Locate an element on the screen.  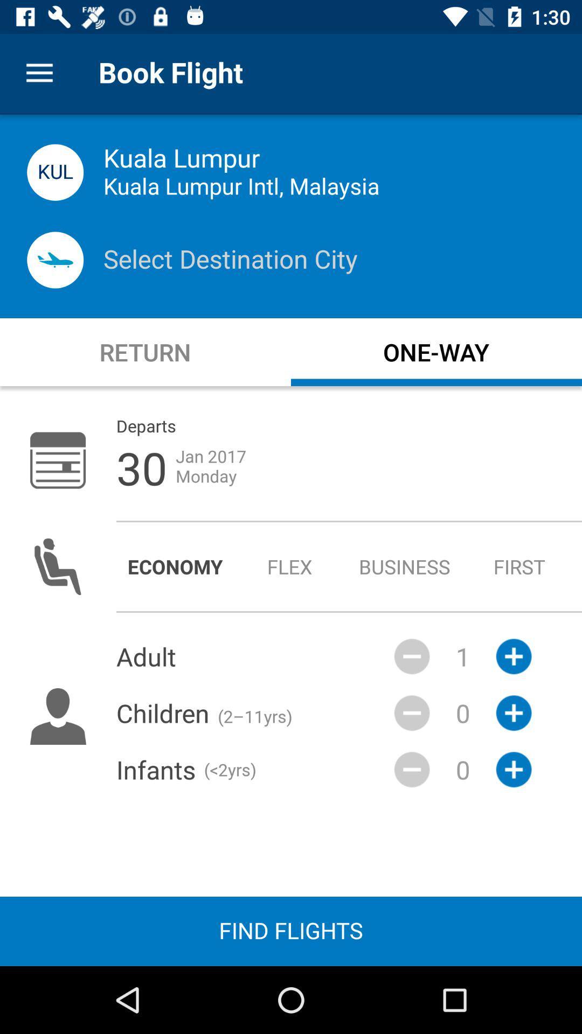
economy icon is located at coordinates (175, 566).